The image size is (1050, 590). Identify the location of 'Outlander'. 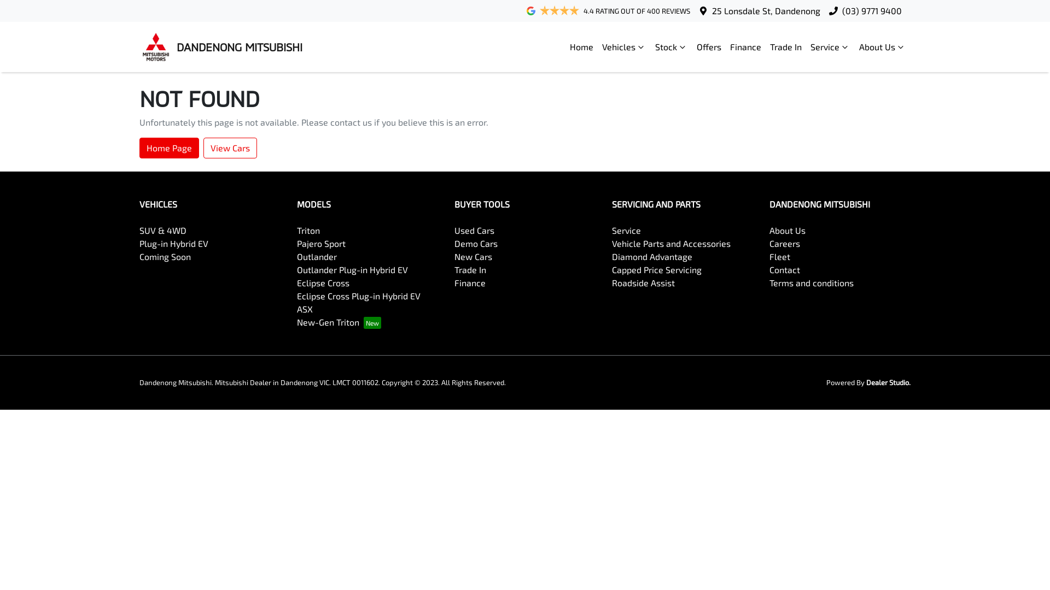
(316, 256).